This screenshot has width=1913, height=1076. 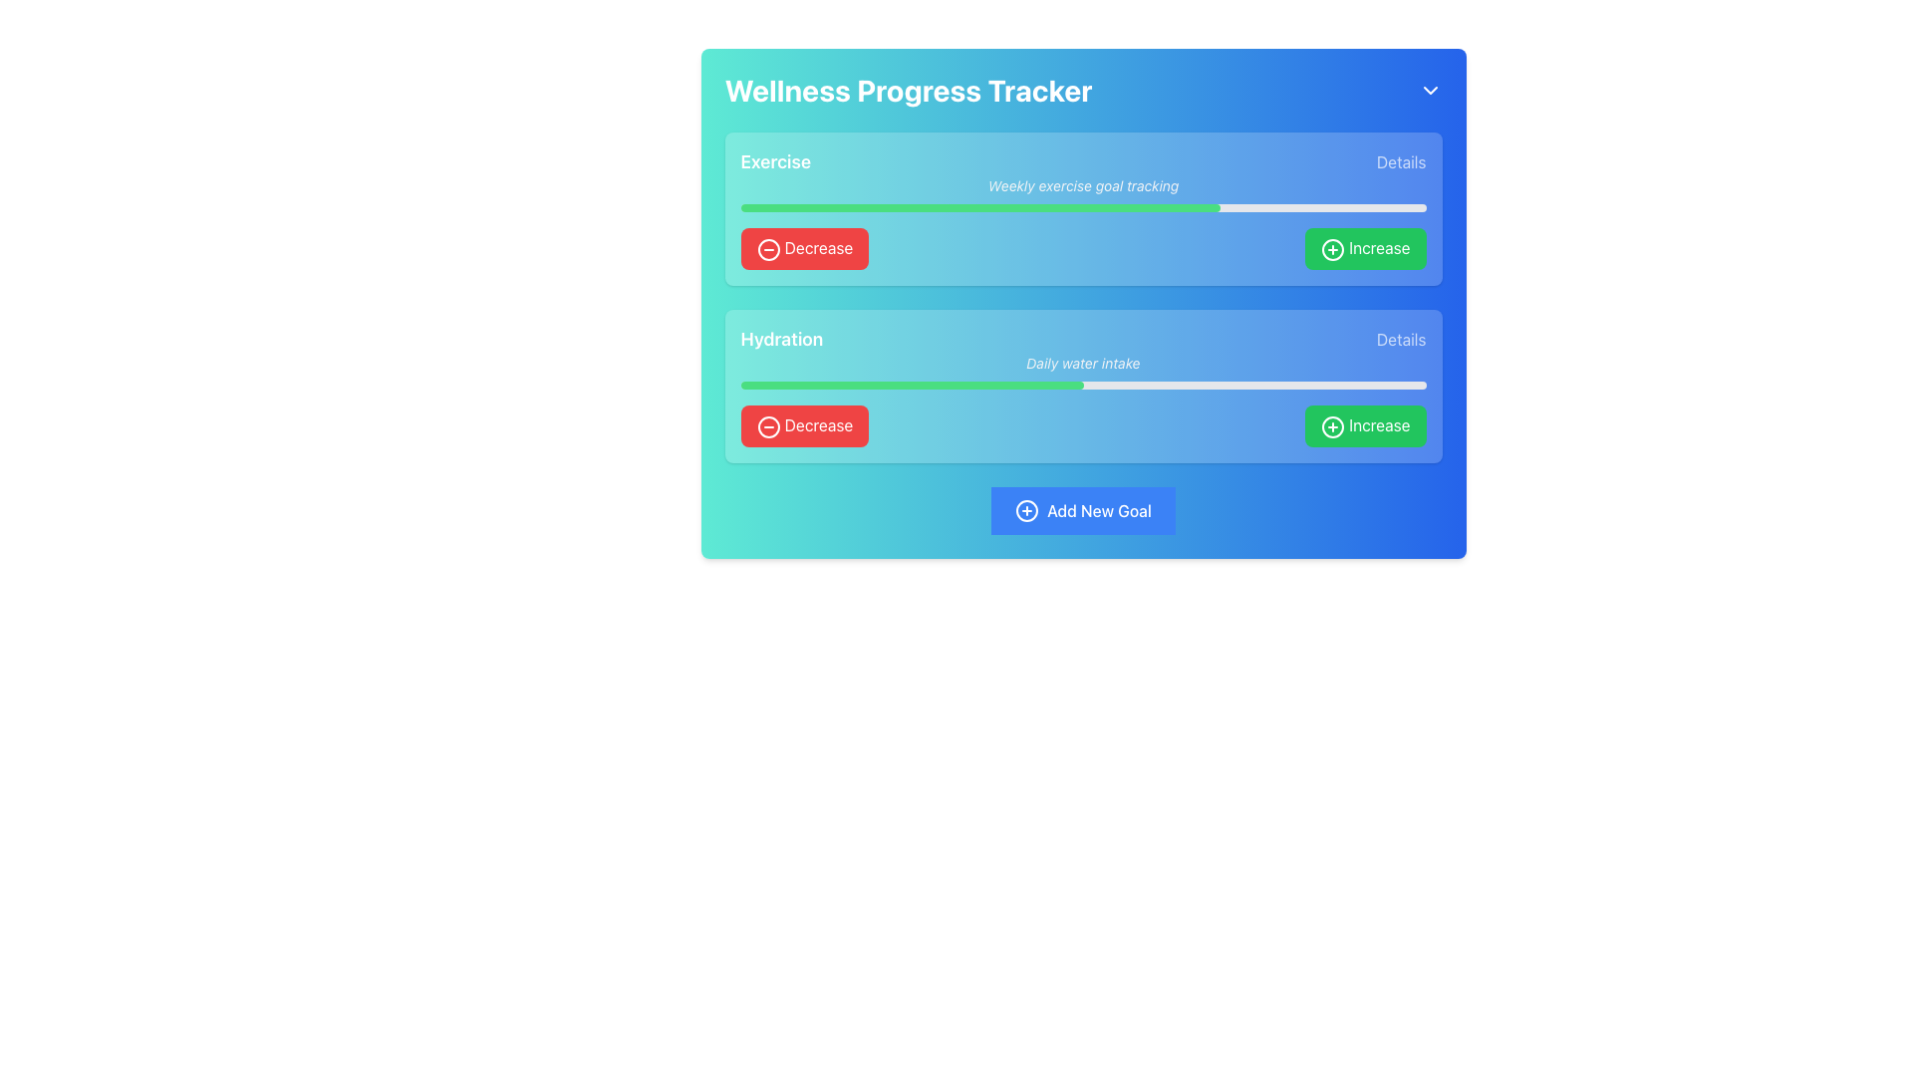 I want to click on the static text element labeled 'Hydration' which serves as a heading for daily water intake goals, so click(x=780, y=338).